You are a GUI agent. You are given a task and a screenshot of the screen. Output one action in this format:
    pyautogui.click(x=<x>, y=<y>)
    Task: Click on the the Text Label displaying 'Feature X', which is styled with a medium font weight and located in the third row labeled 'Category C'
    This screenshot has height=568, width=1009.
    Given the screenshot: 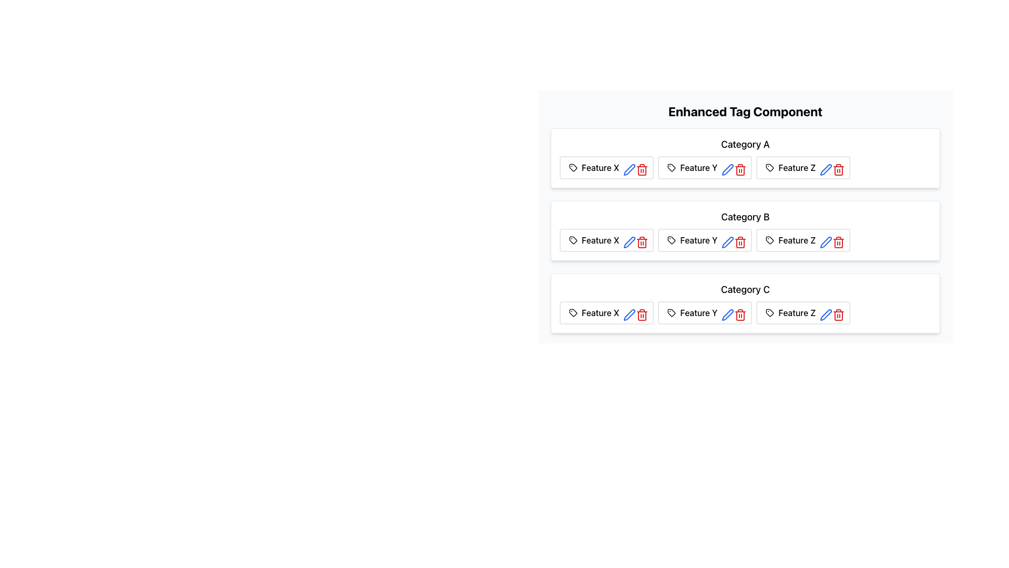 What is the action you would take?
    pyautogui.click(x=600, y=312)
    